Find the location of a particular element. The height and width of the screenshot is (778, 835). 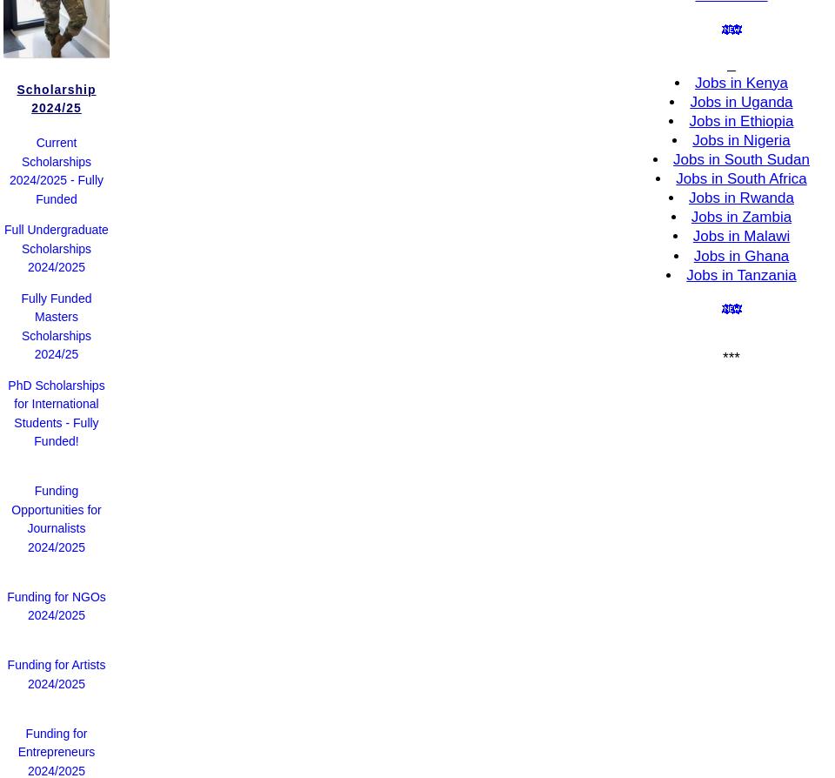

'_' is located at coordinates (726, 63).